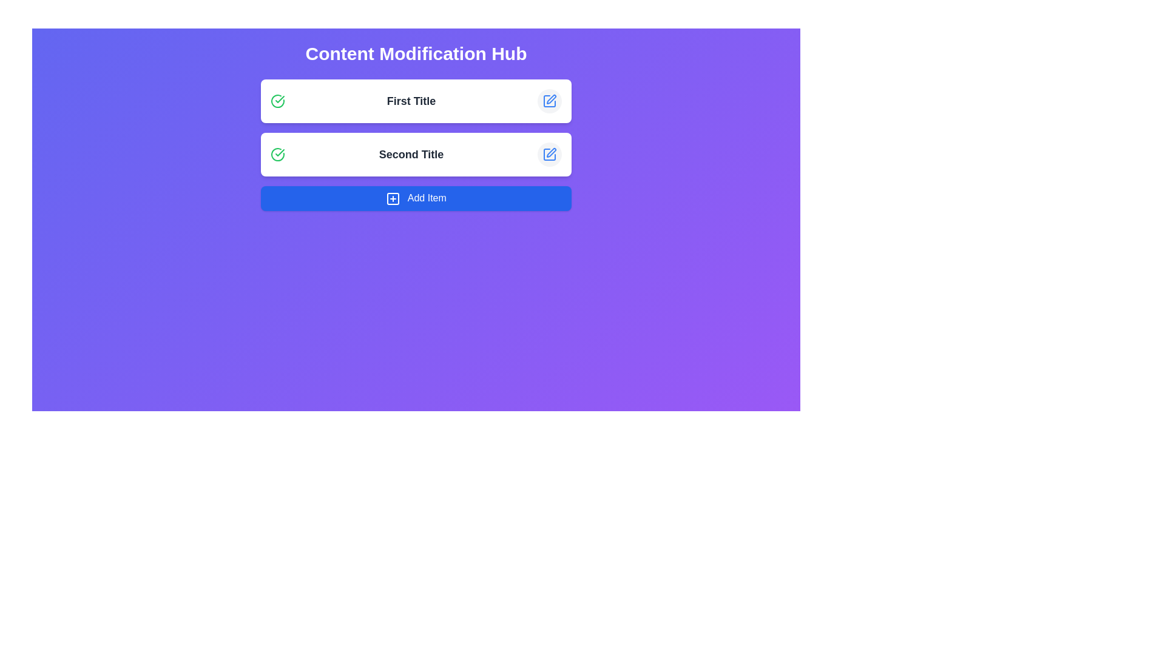 The image size is (1165, 655). What do you see at coordinates (550, 99) in the screenshot?
I see `the pen icon located on the right-hand side next to the 'First Title' label within a white card to initiate an edit action` at bounding box center [550, 99].